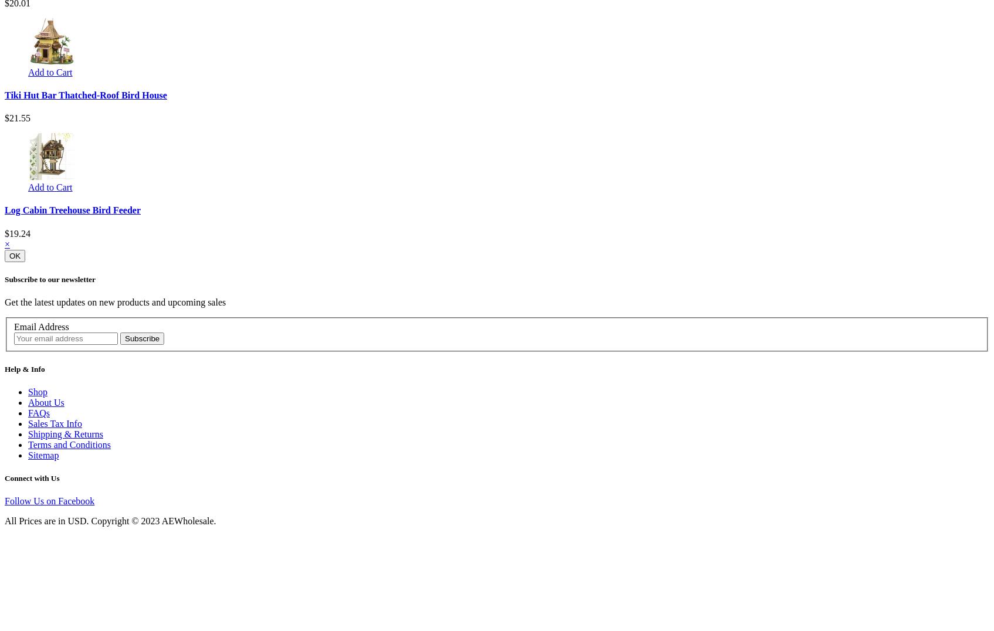 This screenshot has height=631, width=994. What do you see at coordinates (54, 422) in the screenshot?
I see `'Sales Tax Info'` at bounding box center [54, 422].